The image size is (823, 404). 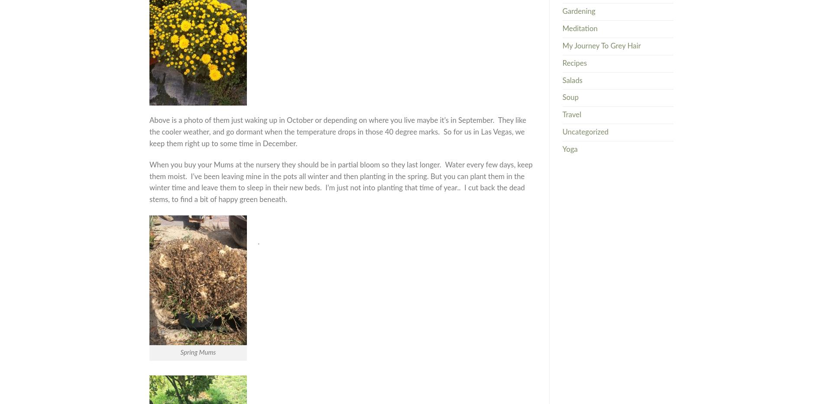 I want to click on 'Gardening', so click(x=562, y=11).